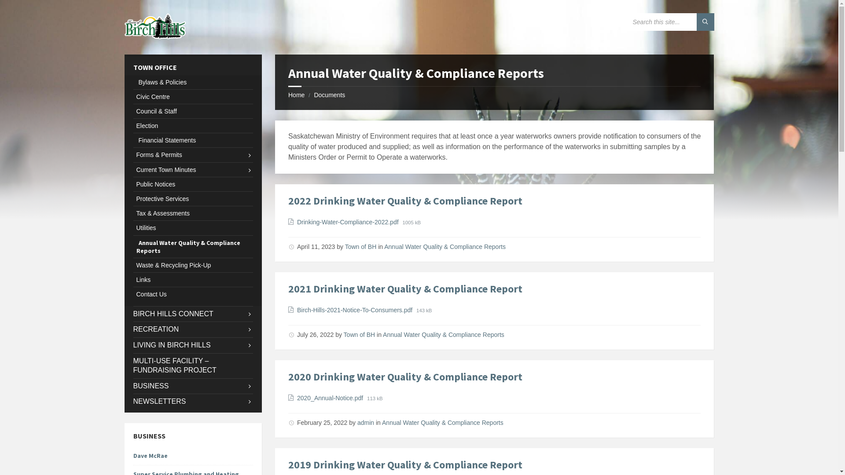  Describe the element at coordinates (192, 329) in the screenshot. I see `'RECREATION'` at that location.